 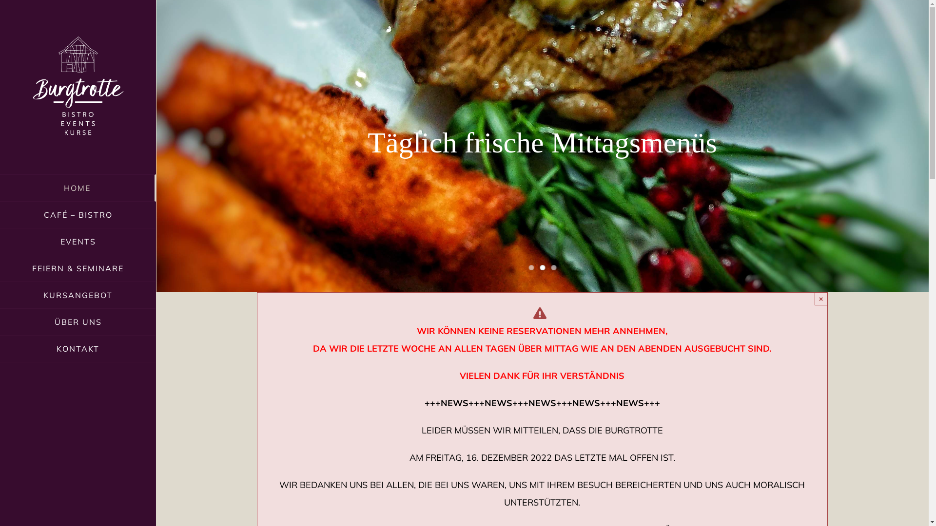 What do you see at coordinates (0, 268) in the screenshot?
I see `'FEIERN & SEMINARE'` at bounding box center [0, 268].